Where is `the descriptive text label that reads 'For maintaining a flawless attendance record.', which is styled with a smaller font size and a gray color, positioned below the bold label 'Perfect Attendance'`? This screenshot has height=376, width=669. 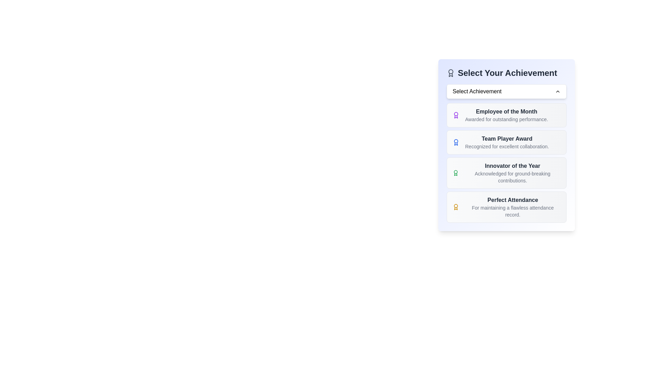
the descriptive text label that reads 'For maintaining a flawless attendance record.', which is styled with a smaller font size and a gray color, positioned below the bold label 'Perfect Attendance' is located at coordinates (513, 211).